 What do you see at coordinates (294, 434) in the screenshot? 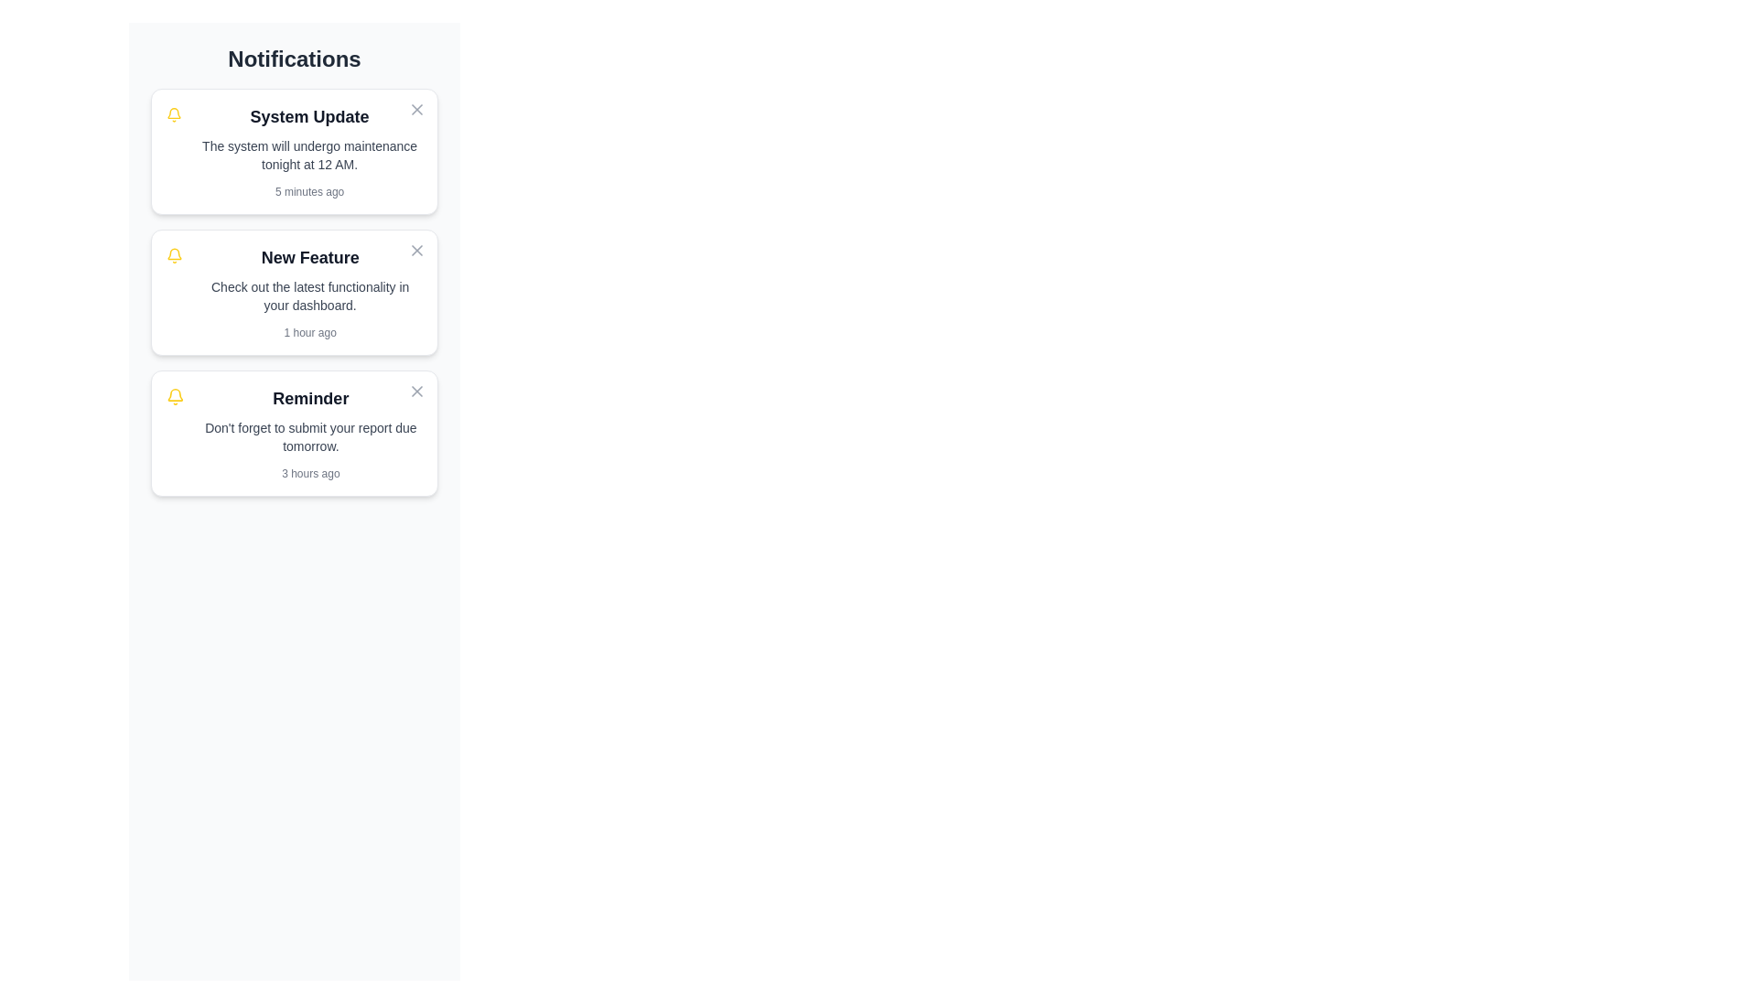
I see `the notification card that serves as an important reminder, located at the bottom of the notification list` at bounding box center [294, 434].